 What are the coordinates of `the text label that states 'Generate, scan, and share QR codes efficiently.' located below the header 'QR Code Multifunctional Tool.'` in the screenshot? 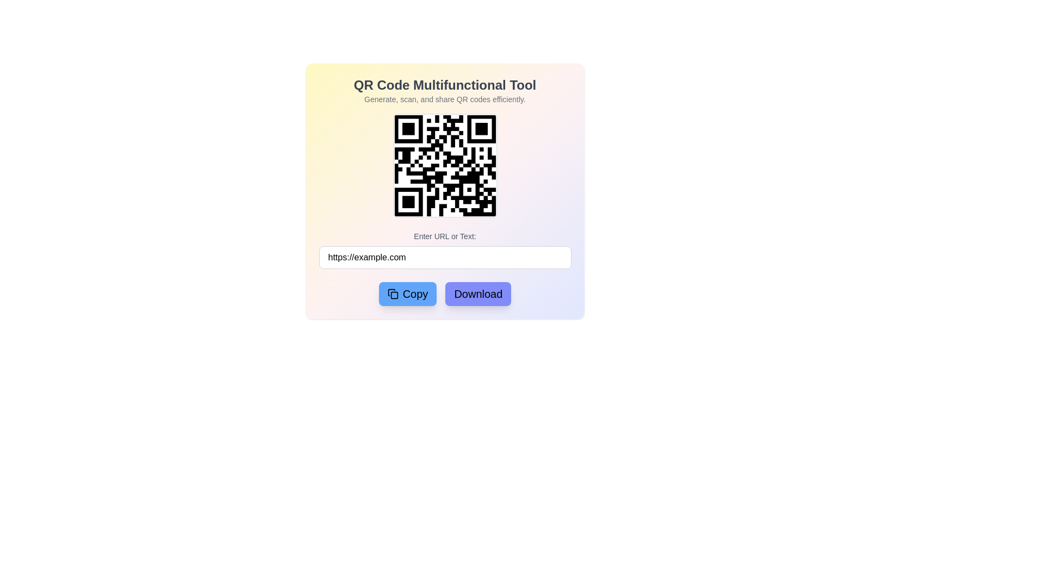 It's located at (445, 99).